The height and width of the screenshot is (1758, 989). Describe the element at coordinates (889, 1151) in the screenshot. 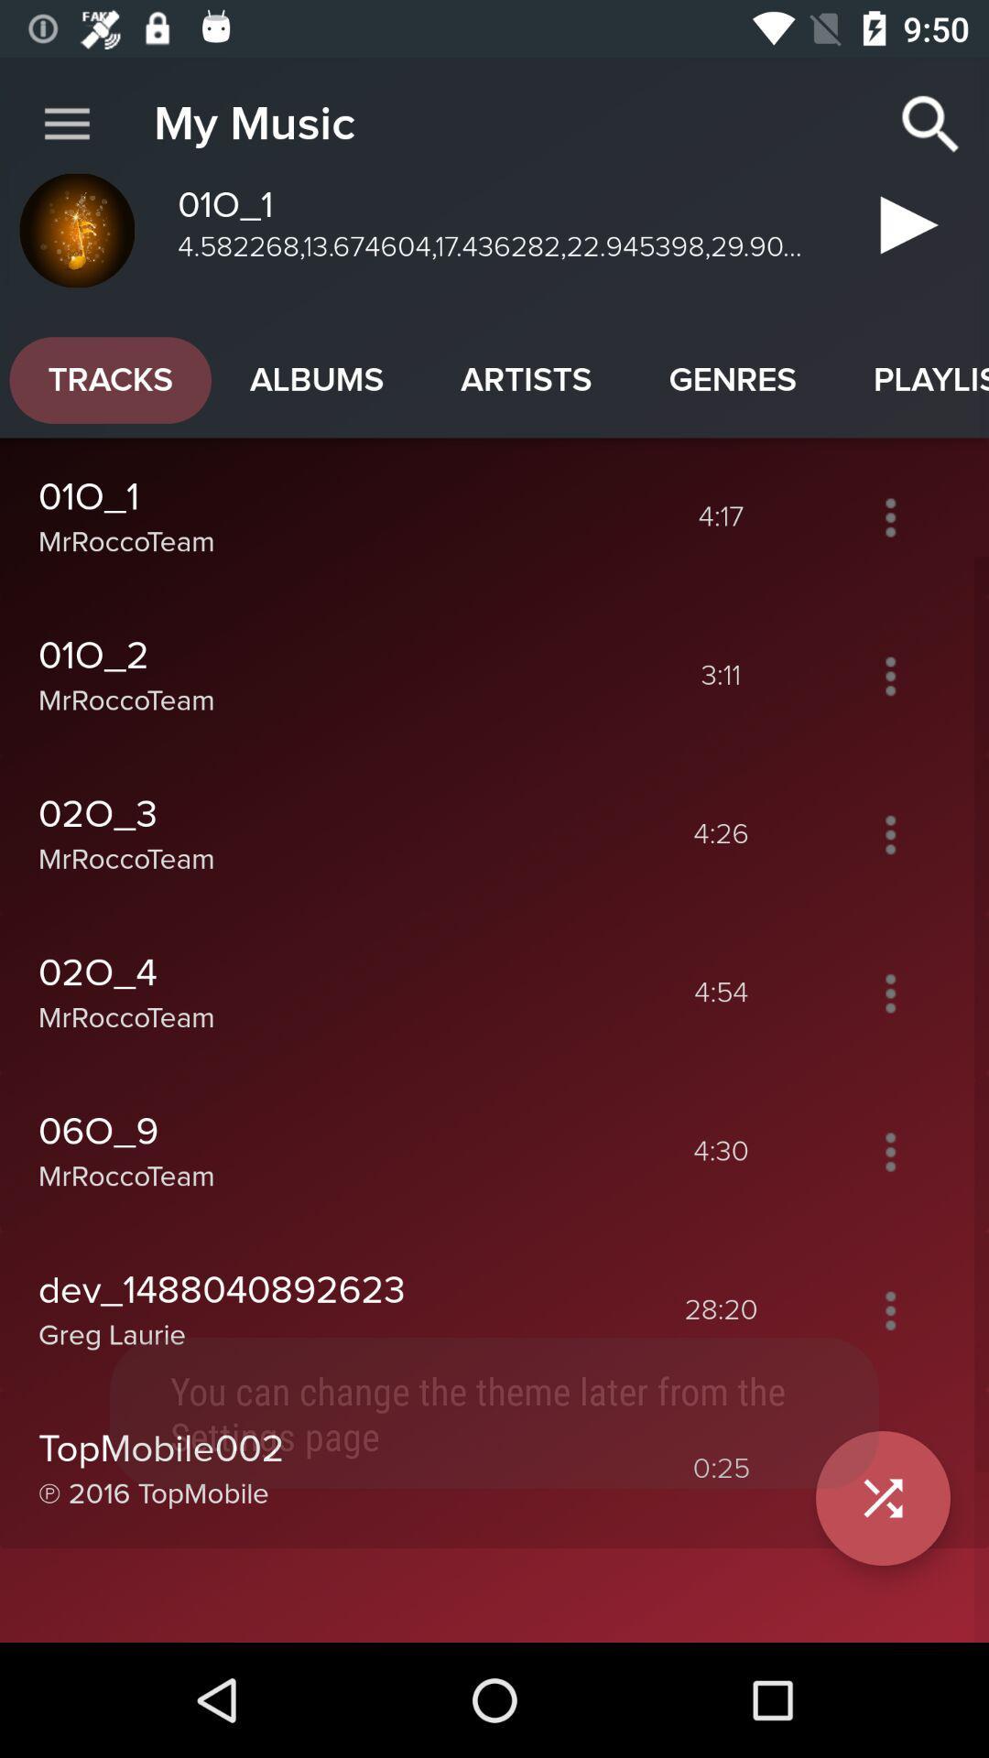

I see `open options` at that location.